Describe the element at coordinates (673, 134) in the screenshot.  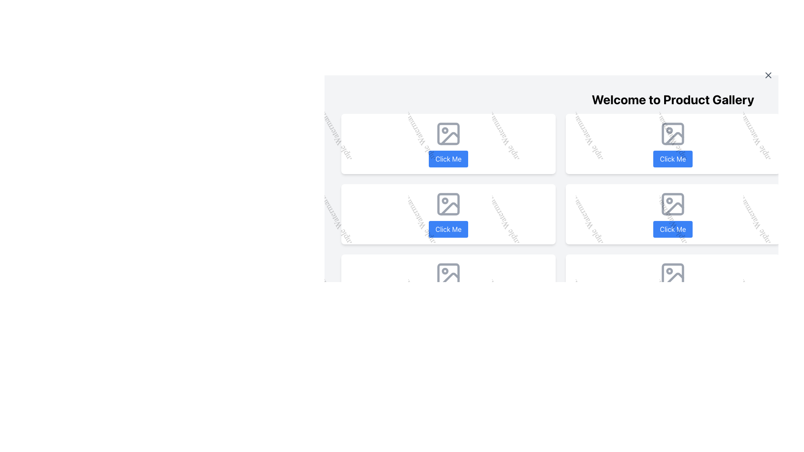
I see `the Decorative Rectangle (SVG Element) within the first icon of the top row of the grid, which serves as a decorative or structural component for a picture or illustration` at that location.